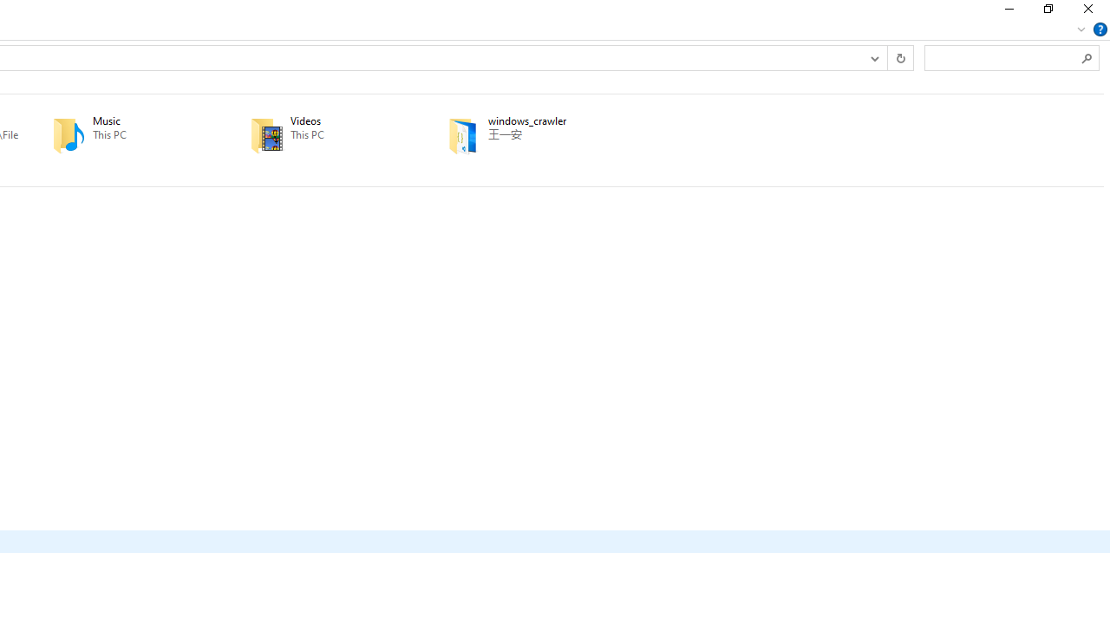 This screenshot has height=624, width=1110. Describe the element at coordinates (464, 133) in the screenshot. I see `'Class: UIImage'` at that location.